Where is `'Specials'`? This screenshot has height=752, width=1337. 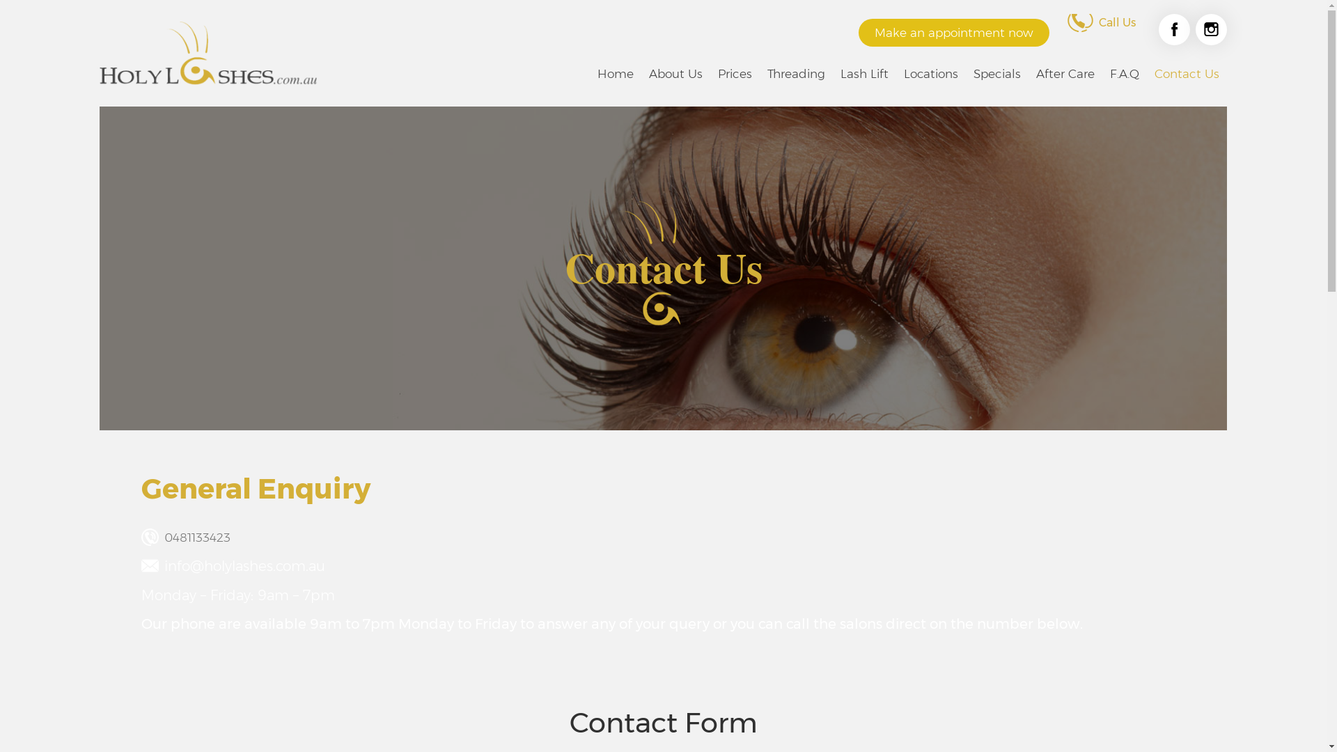
'Specials' is located at coordinates (996, 73).